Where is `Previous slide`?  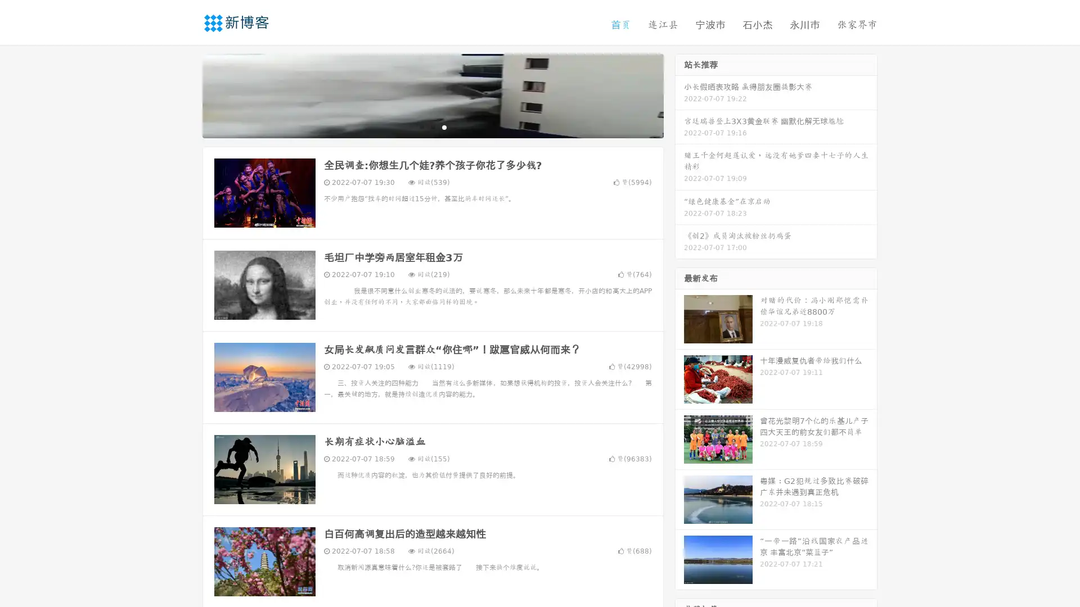 Previous slide is located at coordinates (186, 94).